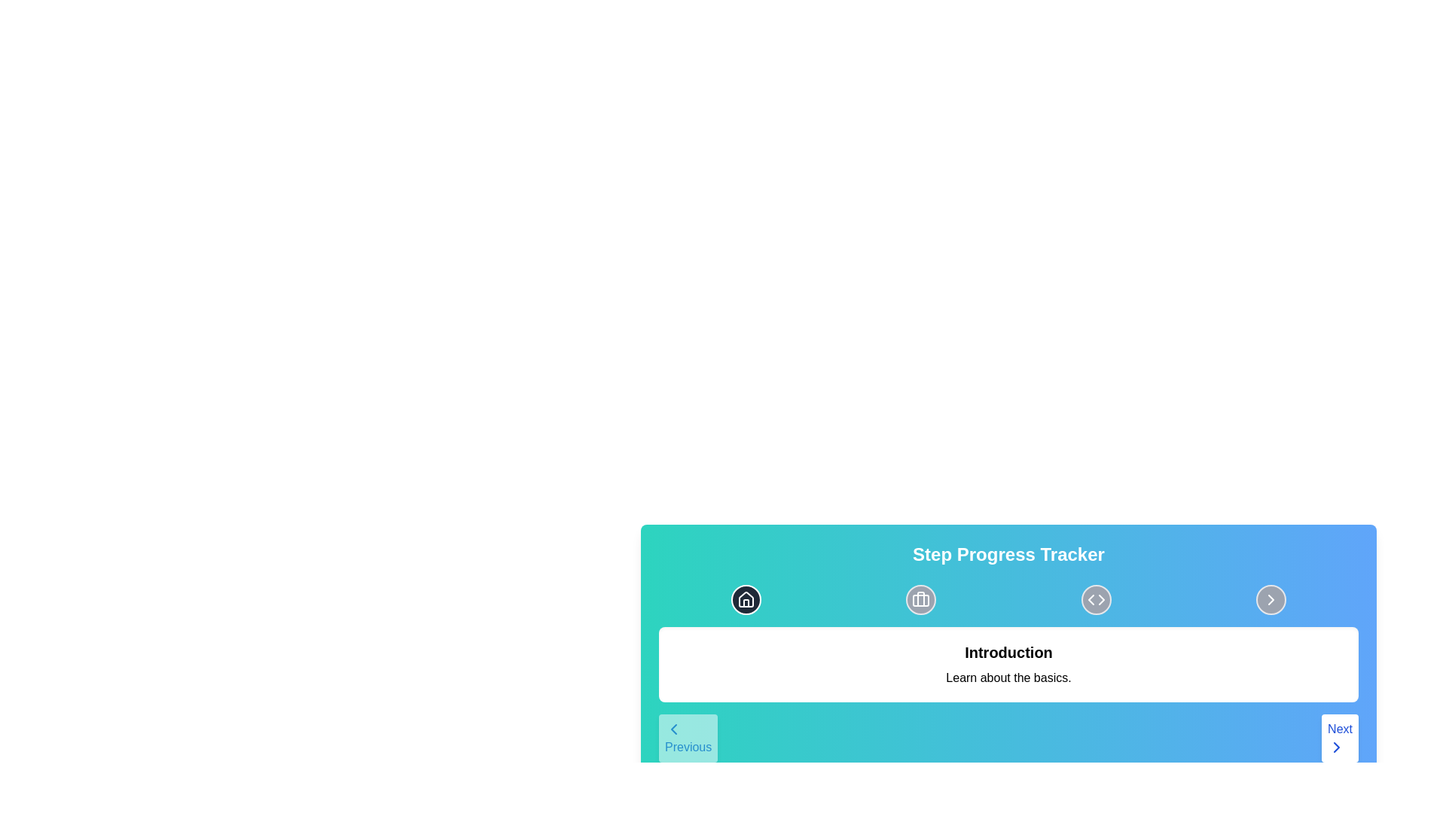 This screenshot has height=813, width=1446. Describe the element at coordinates (688, 737) in the screenshot. I see `the 'Previous' button with a white background and blue chevron icon` at that location.